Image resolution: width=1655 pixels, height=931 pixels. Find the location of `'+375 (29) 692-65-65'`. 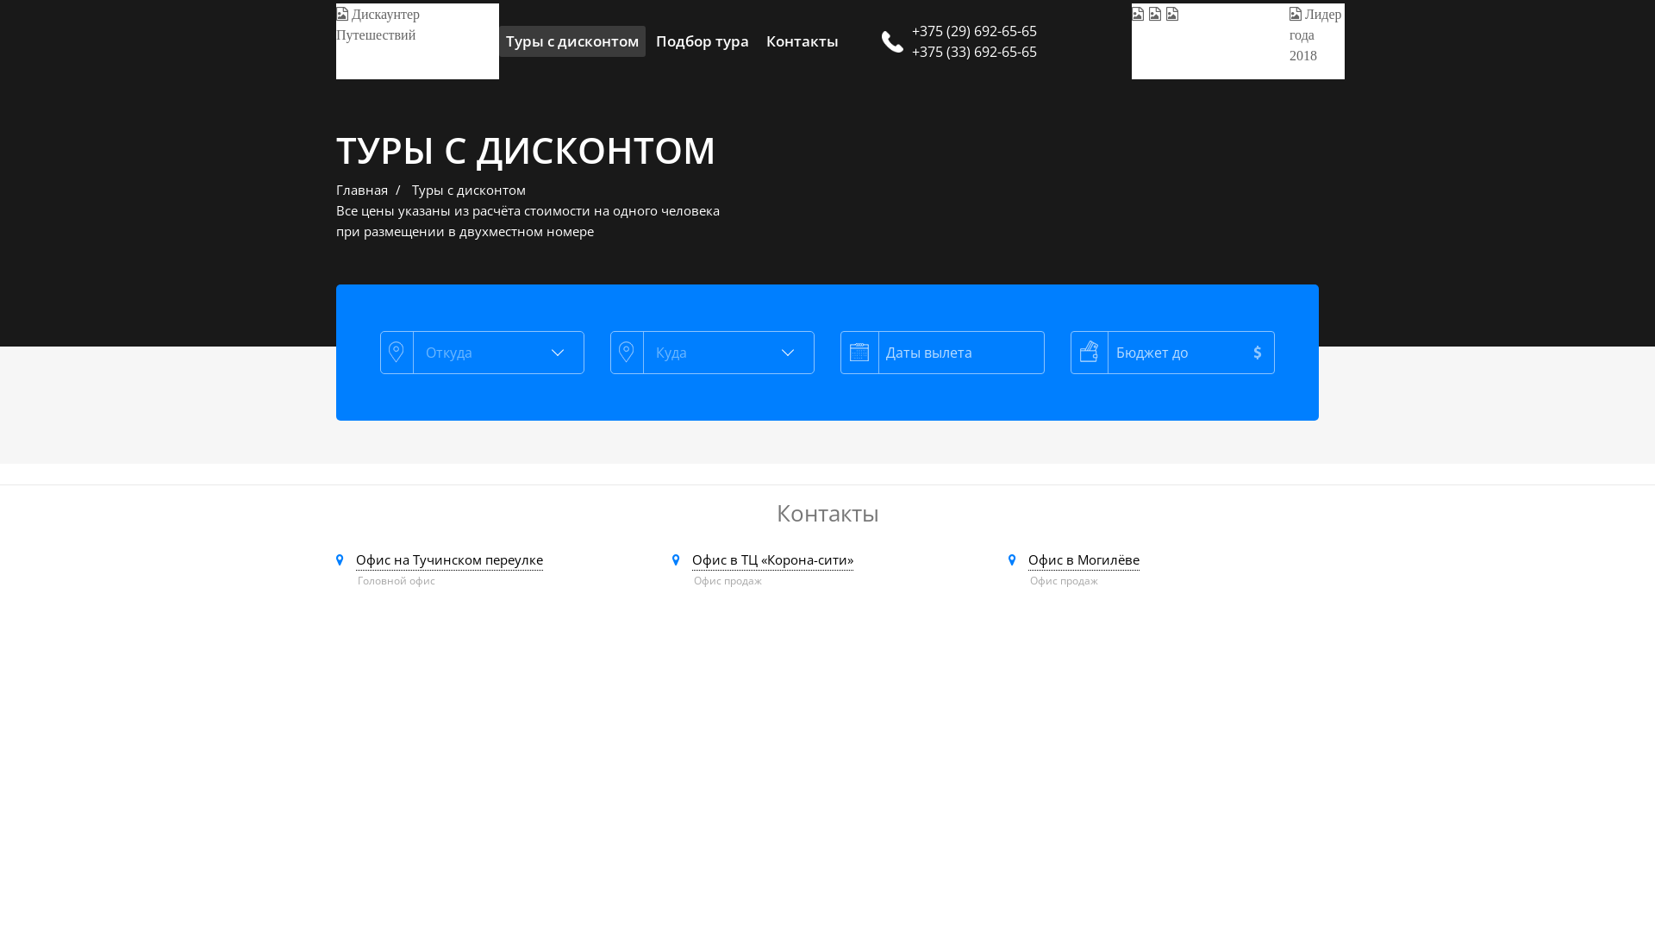

'+375 (29) 692-65-65' is located at coordinates (1015, 30).